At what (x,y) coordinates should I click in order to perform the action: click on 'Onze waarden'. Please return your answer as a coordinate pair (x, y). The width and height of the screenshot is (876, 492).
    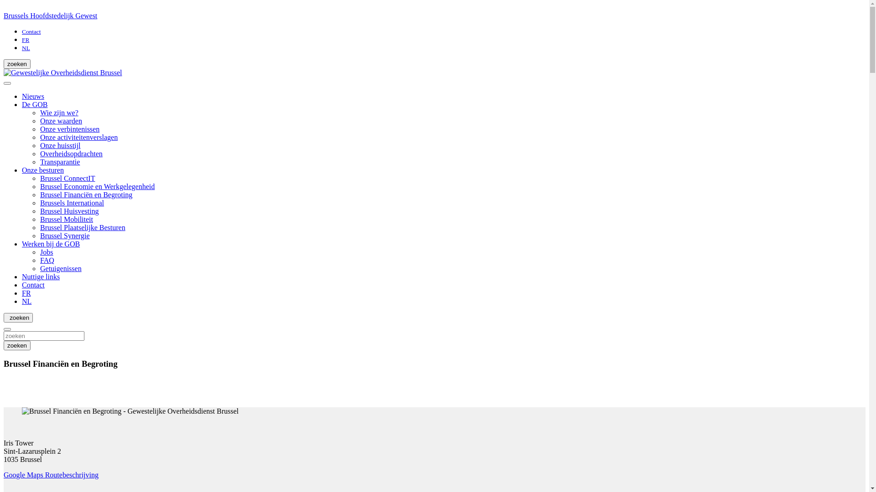
    Looking at the image, I should click on (61, 120).